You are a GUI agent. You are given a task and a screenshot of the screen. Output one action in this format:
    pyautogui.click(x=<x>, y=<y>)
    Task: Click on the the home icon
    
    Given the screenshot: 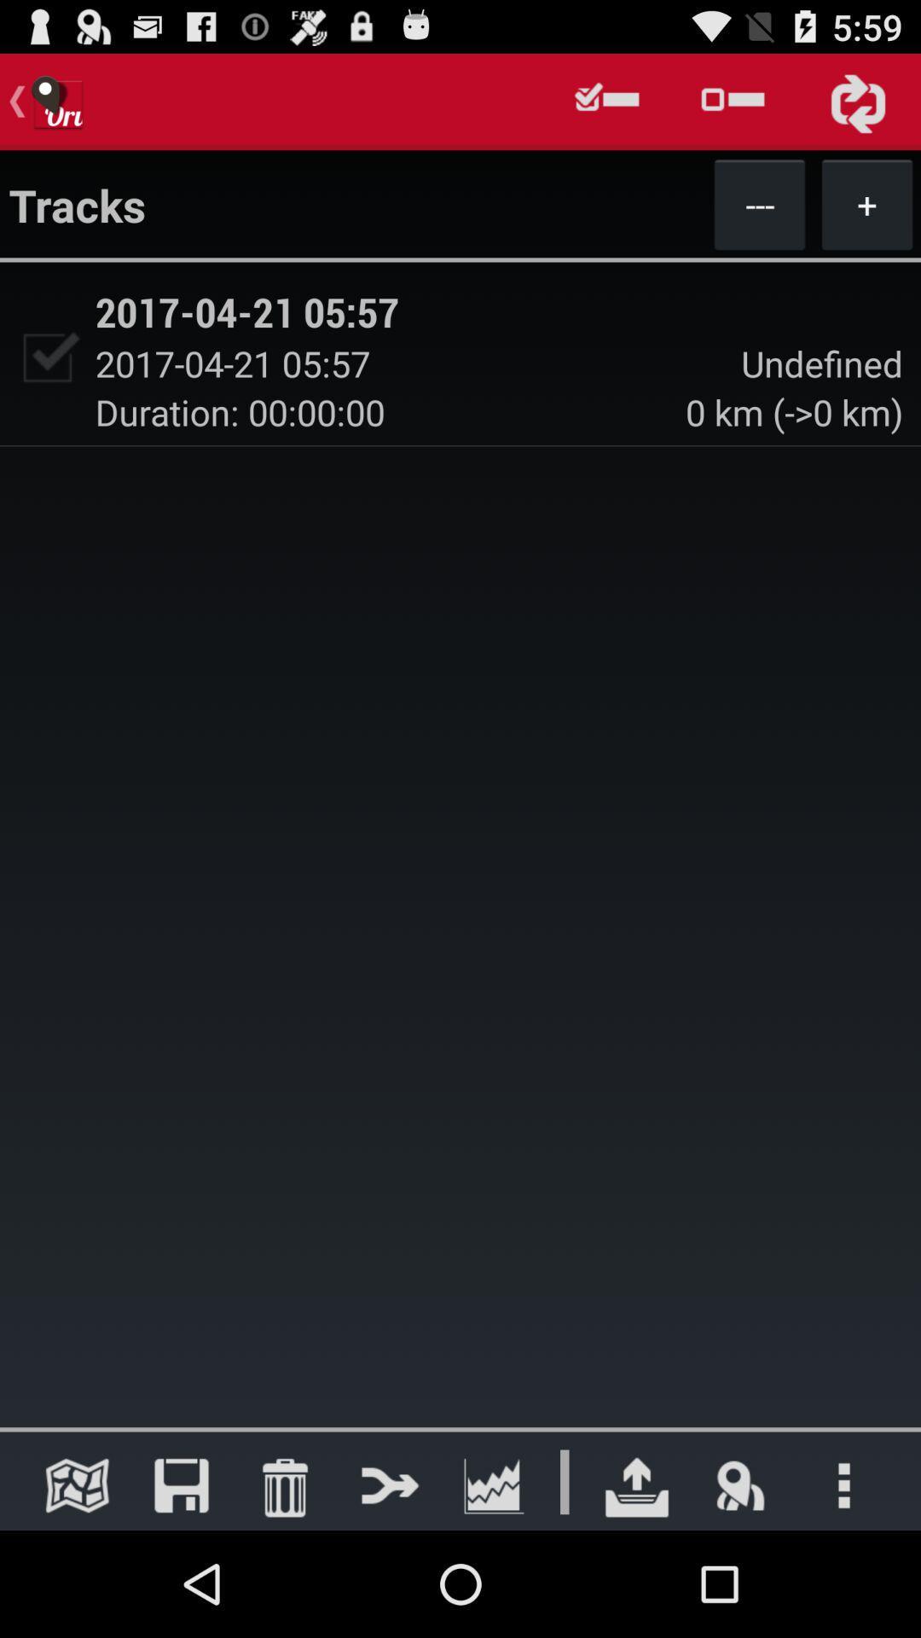 What is the action you would take?
    pyautogui.click(x=637, y=1589)
    